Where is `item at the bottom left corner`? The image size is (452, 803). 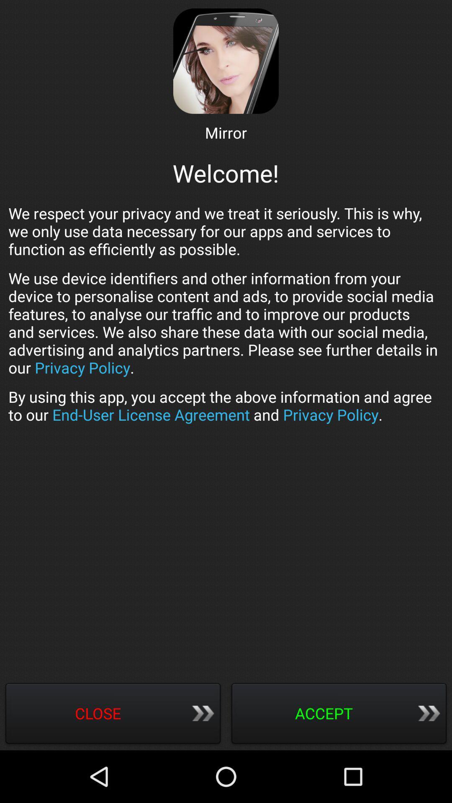
item at the bottom left corner is located at coordinates (113, 714).